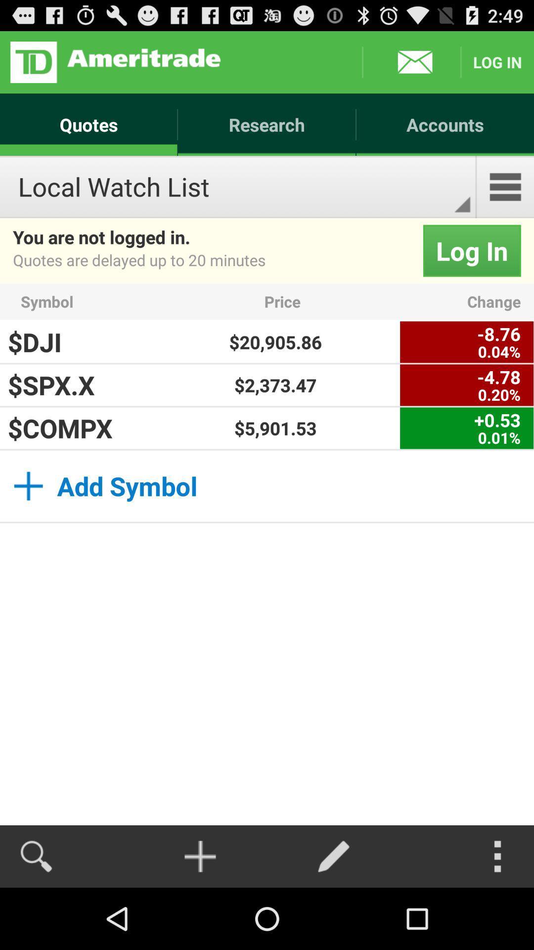 The height and width of the screenshot is (950, 534). What do you see at coordinates (275, 342) in the screenshot?
I see `item below the symbol app` at bounding box center [275, 342].